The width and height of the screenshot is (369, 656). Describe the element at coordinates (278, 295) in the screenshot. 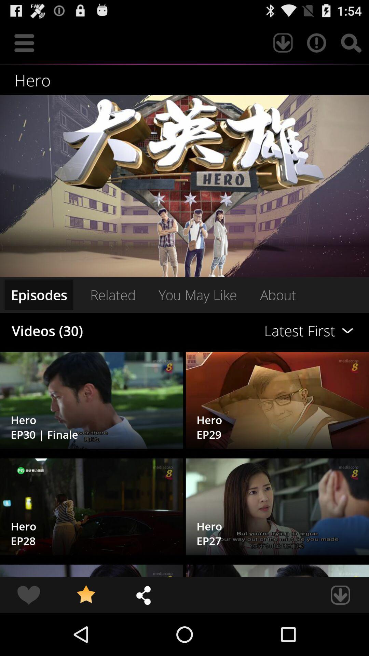

I see `the item to the right of the you may like item` at that location.